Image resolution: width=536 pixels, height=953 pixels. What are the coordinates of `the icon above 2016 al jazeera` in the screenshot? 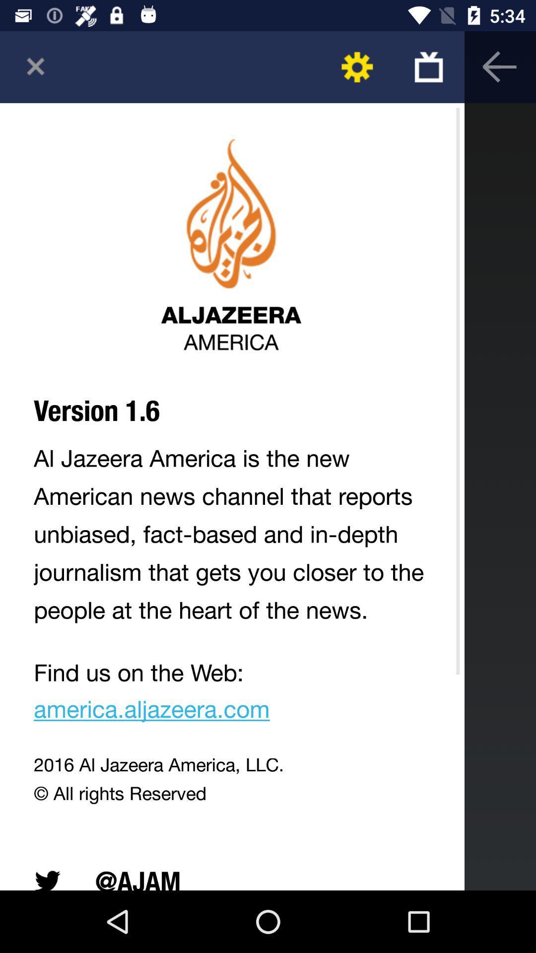 It's located at (232, 694).